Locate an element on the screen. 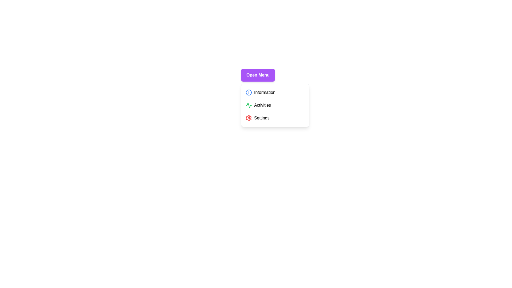 The width and height of the screenshot is (512, 288). the menu item Activities is located at coordinates (275, 105).